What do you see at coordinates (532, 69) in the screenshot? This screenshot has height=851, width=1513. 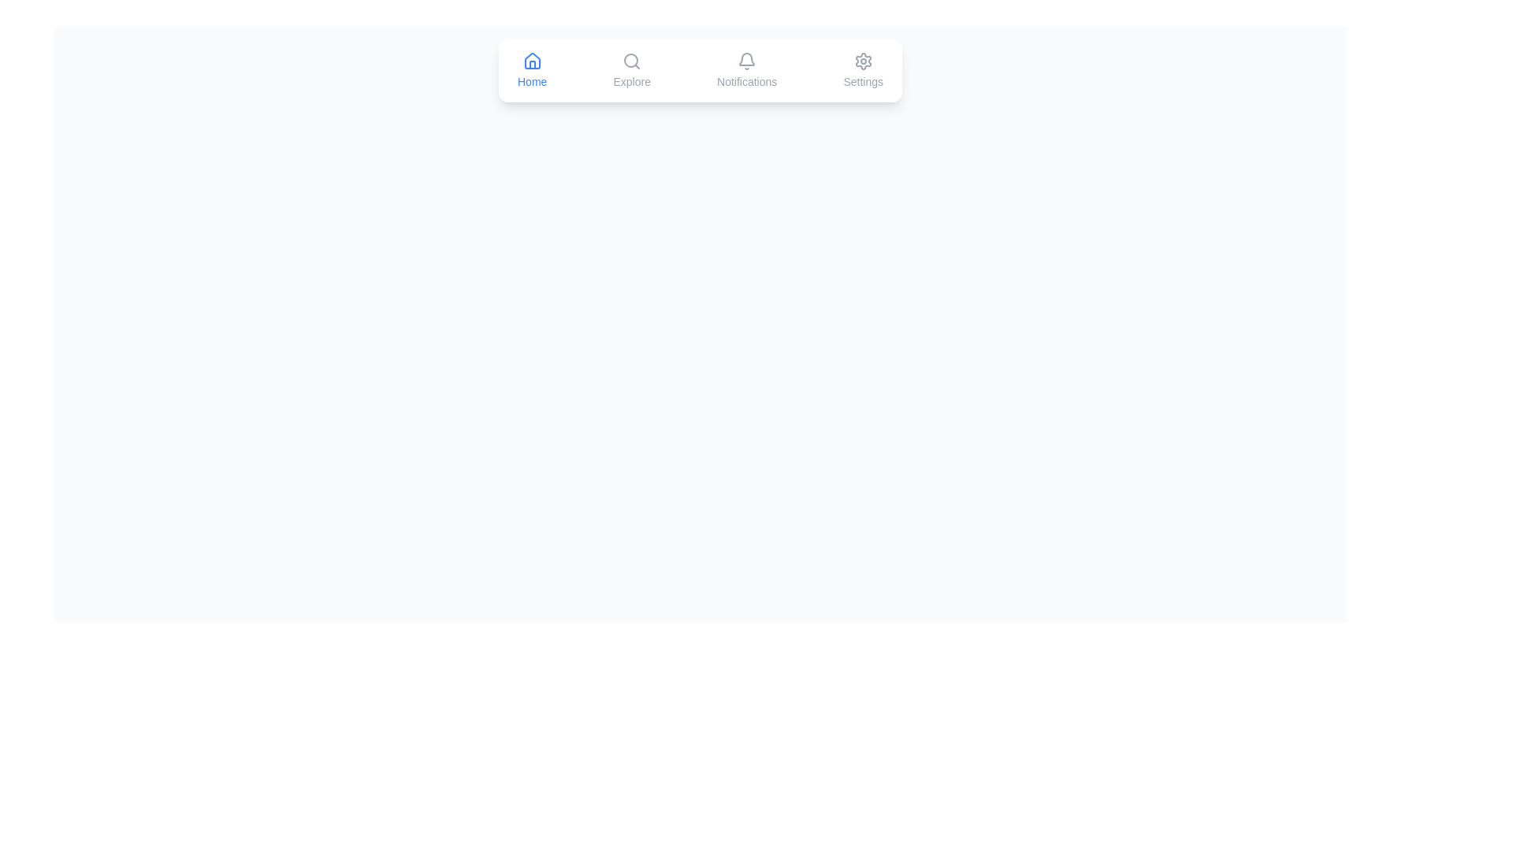 I see `the tab labeled Home` at bounding box center [532, 69].